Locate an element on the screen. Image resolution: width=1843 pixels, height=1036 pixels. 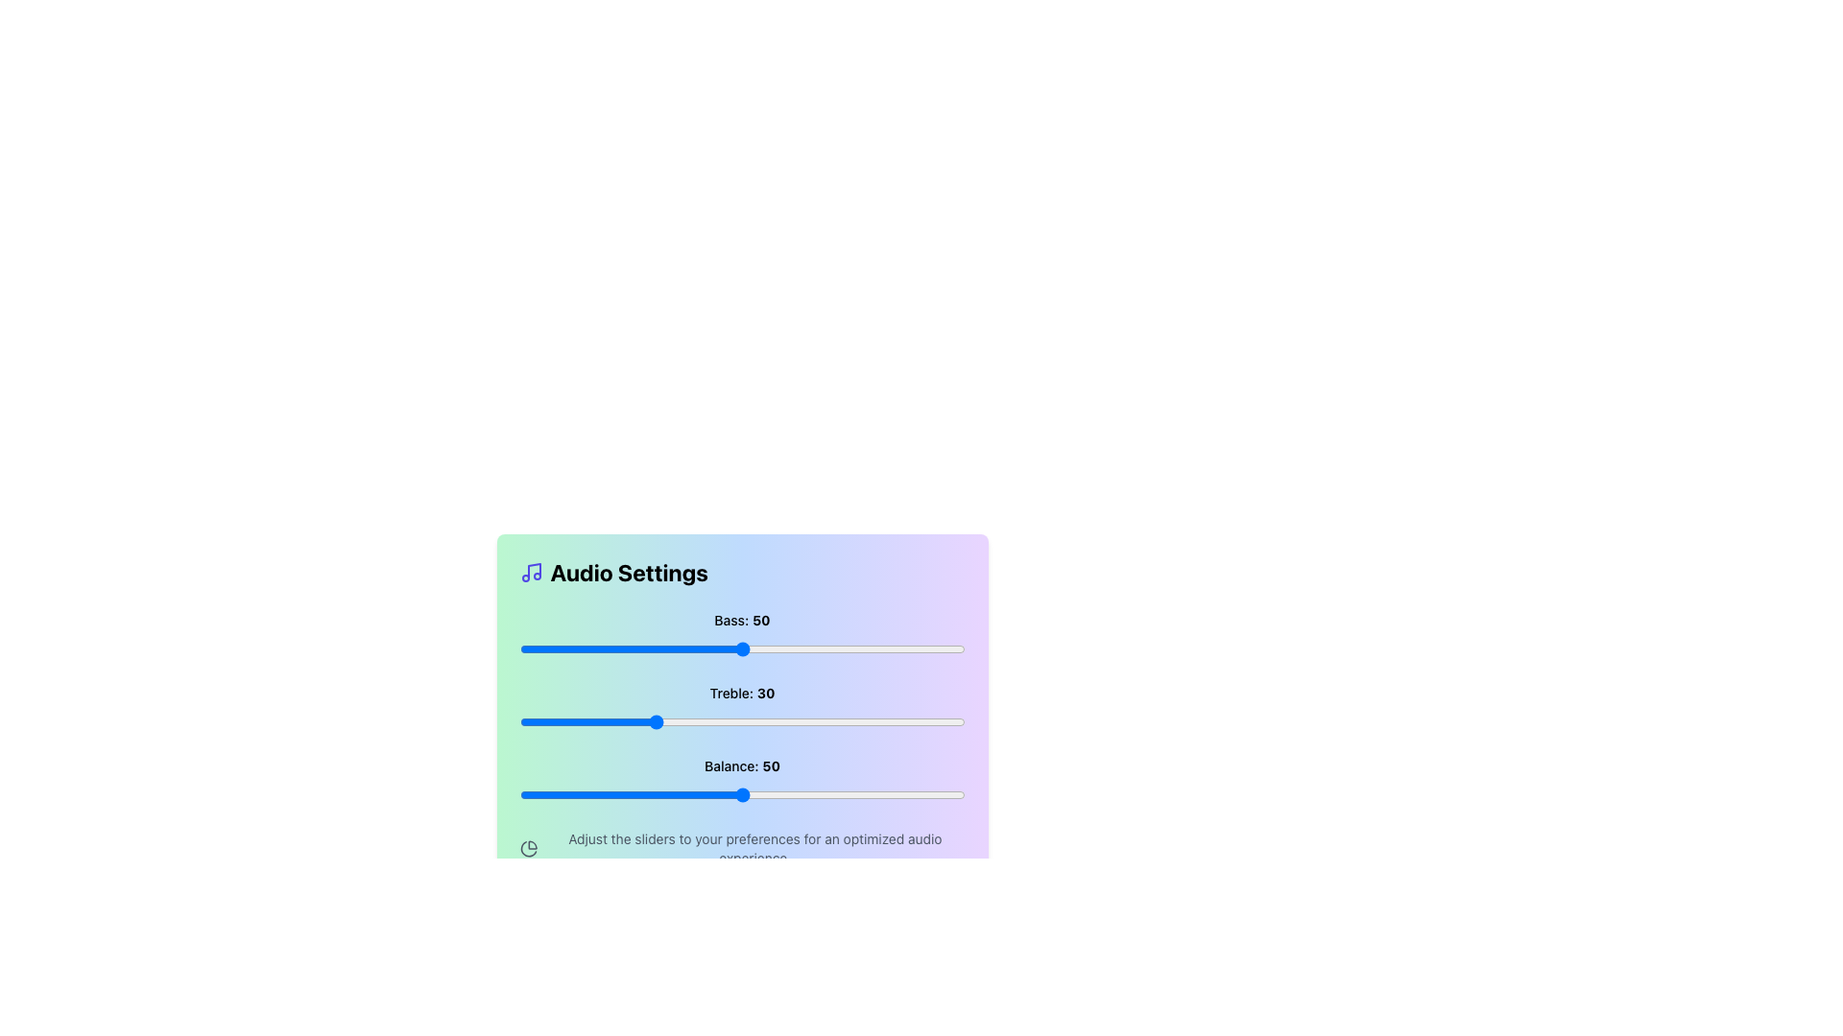
the treble level is located at coordinates (800, 721).